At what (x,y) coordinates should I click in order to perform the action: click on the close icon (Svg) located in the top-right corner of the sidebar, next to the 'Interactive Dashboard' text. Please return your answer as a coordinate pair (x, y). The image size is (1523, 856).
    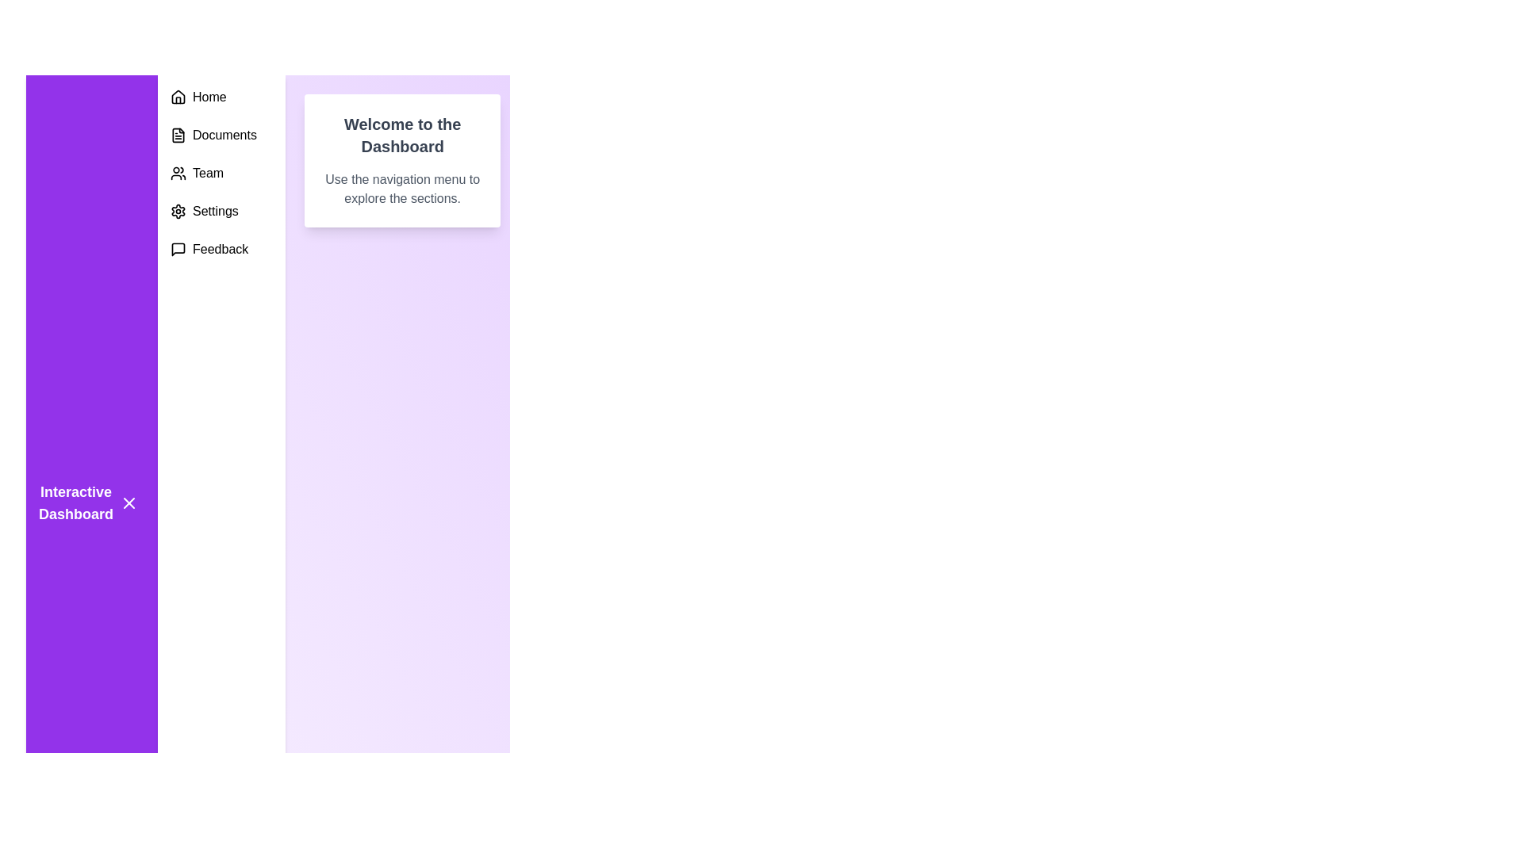
    Looking at the image, I should click on (129, 503).